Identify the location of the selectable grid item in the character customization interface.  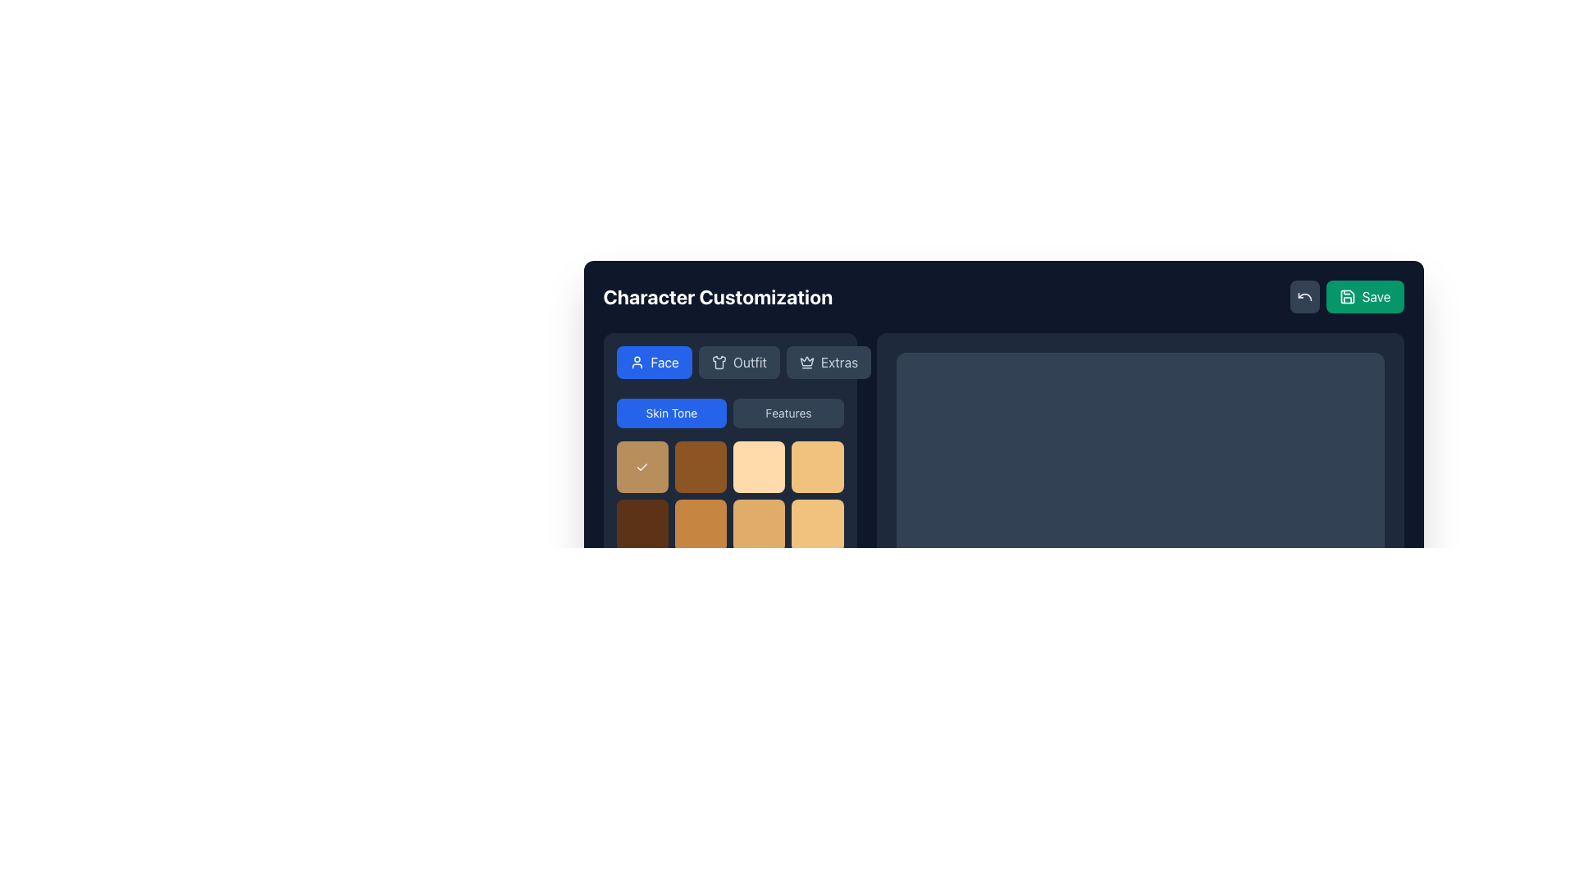
(701, 467).